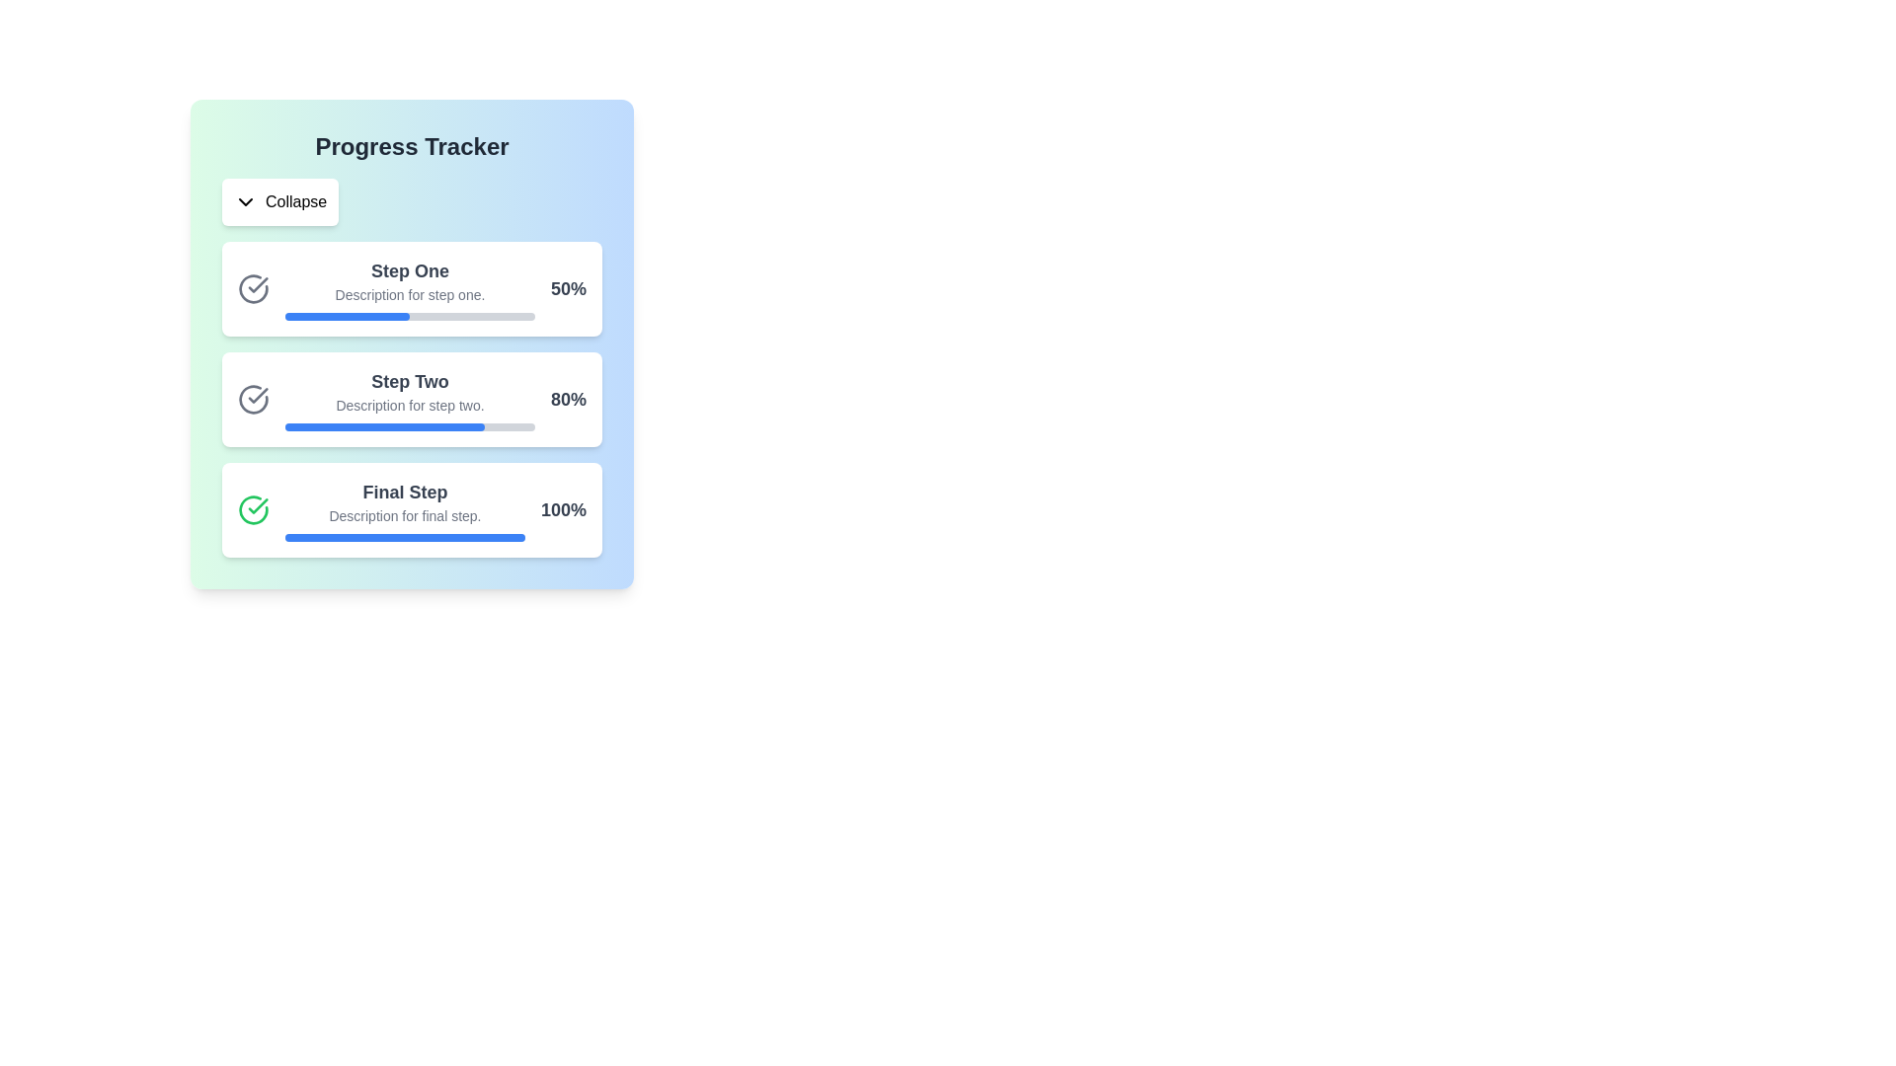 The image size is (1896, 1066). Describe the element at coordinates (409, 425) in the screenshot. I see `the progress bar indicating 80% completion, which is located below the description for 'Step Two' in the middle section of the 'Progress Tracker' layout` at that location.